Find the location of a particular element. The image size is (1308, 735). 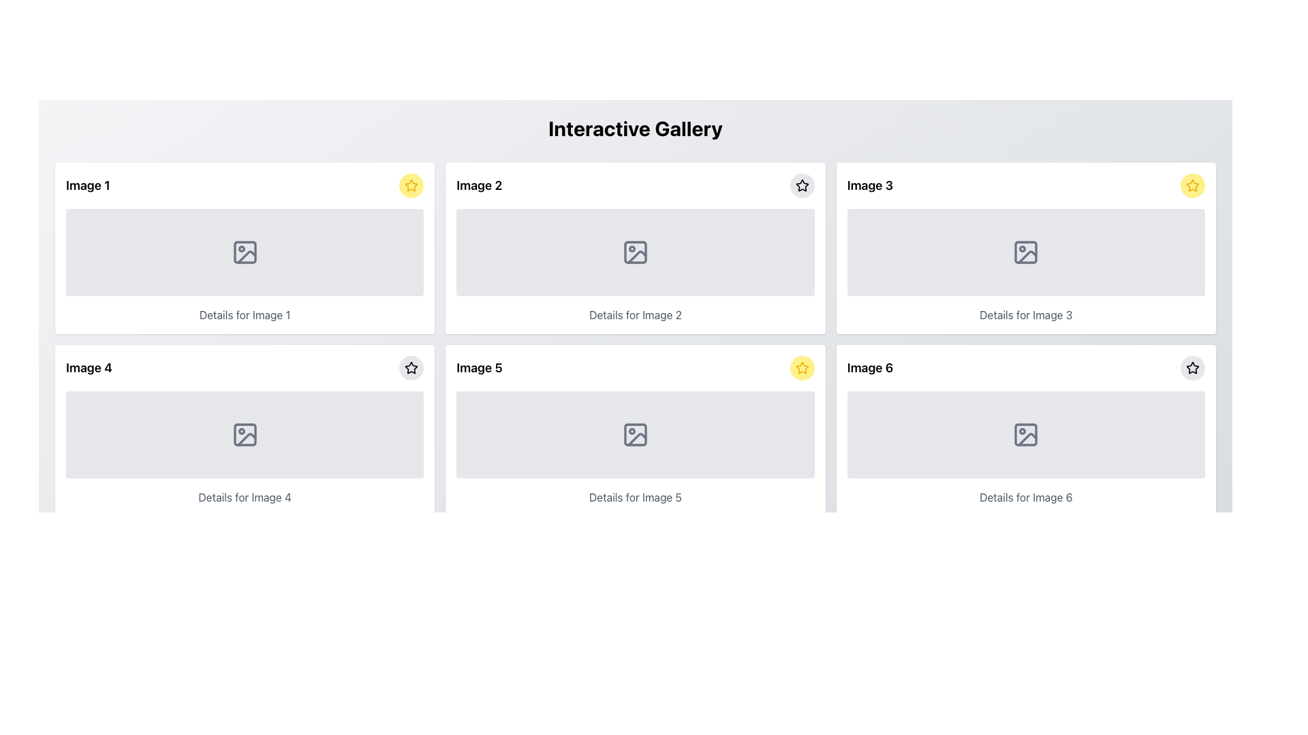

the circular yellow button with a star icon located in the top-right corner of the 'Image 5' section is located at coordinates (802, 367).